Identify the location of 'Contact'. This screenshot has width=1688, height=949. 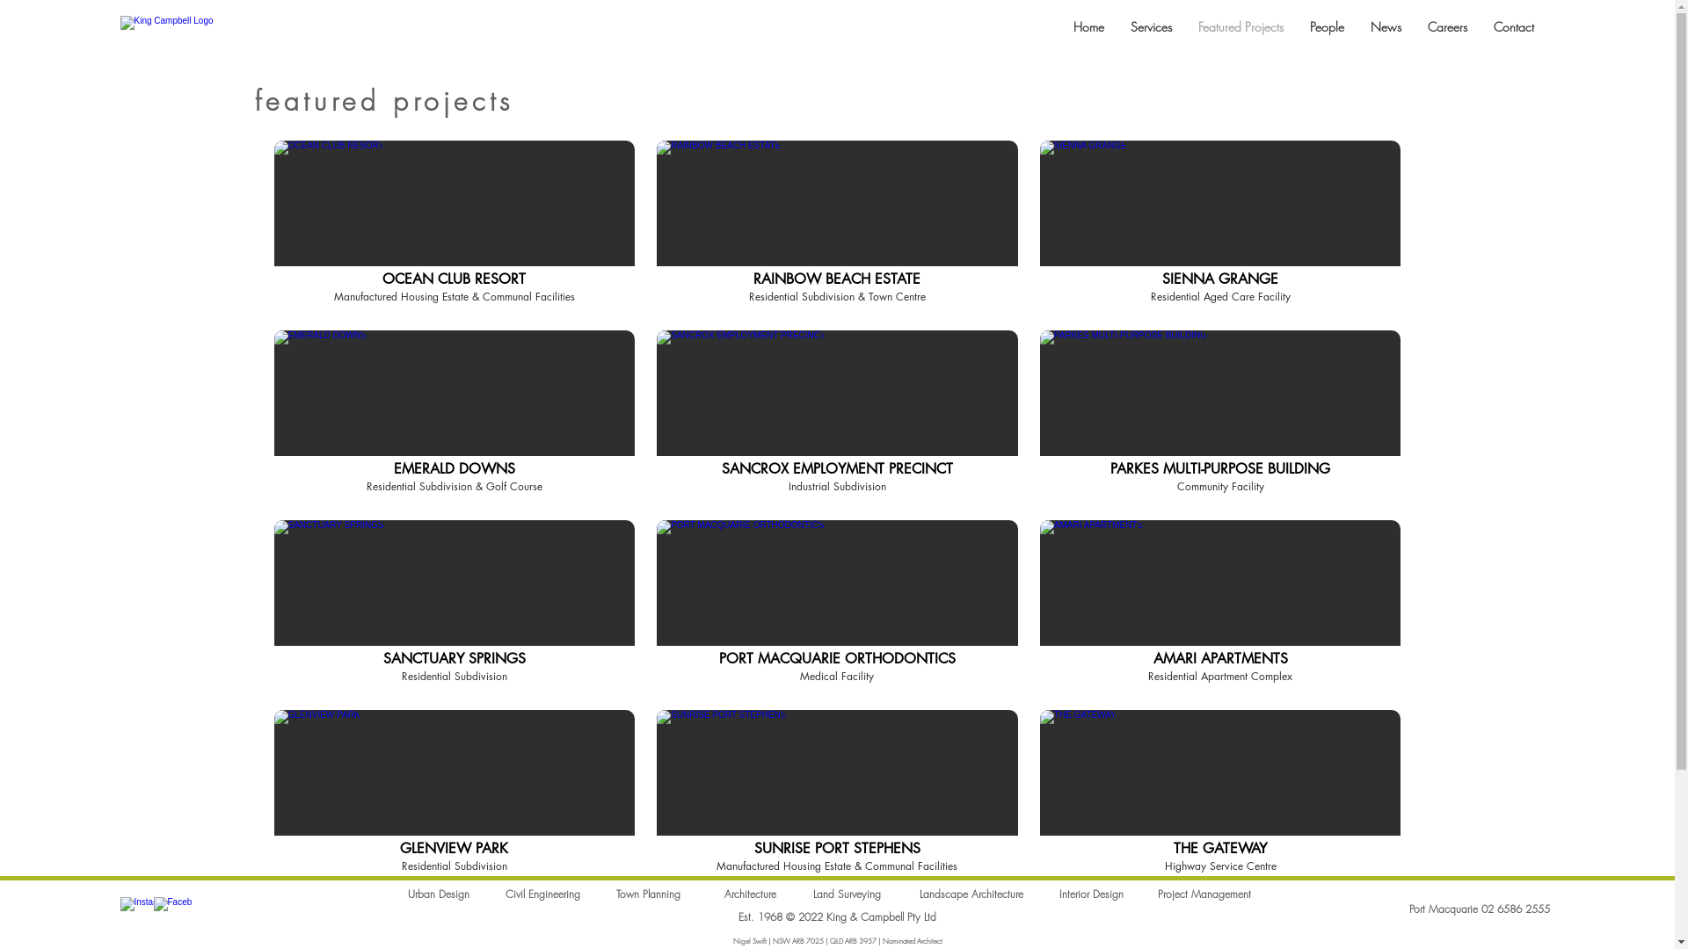
(1480, 26).